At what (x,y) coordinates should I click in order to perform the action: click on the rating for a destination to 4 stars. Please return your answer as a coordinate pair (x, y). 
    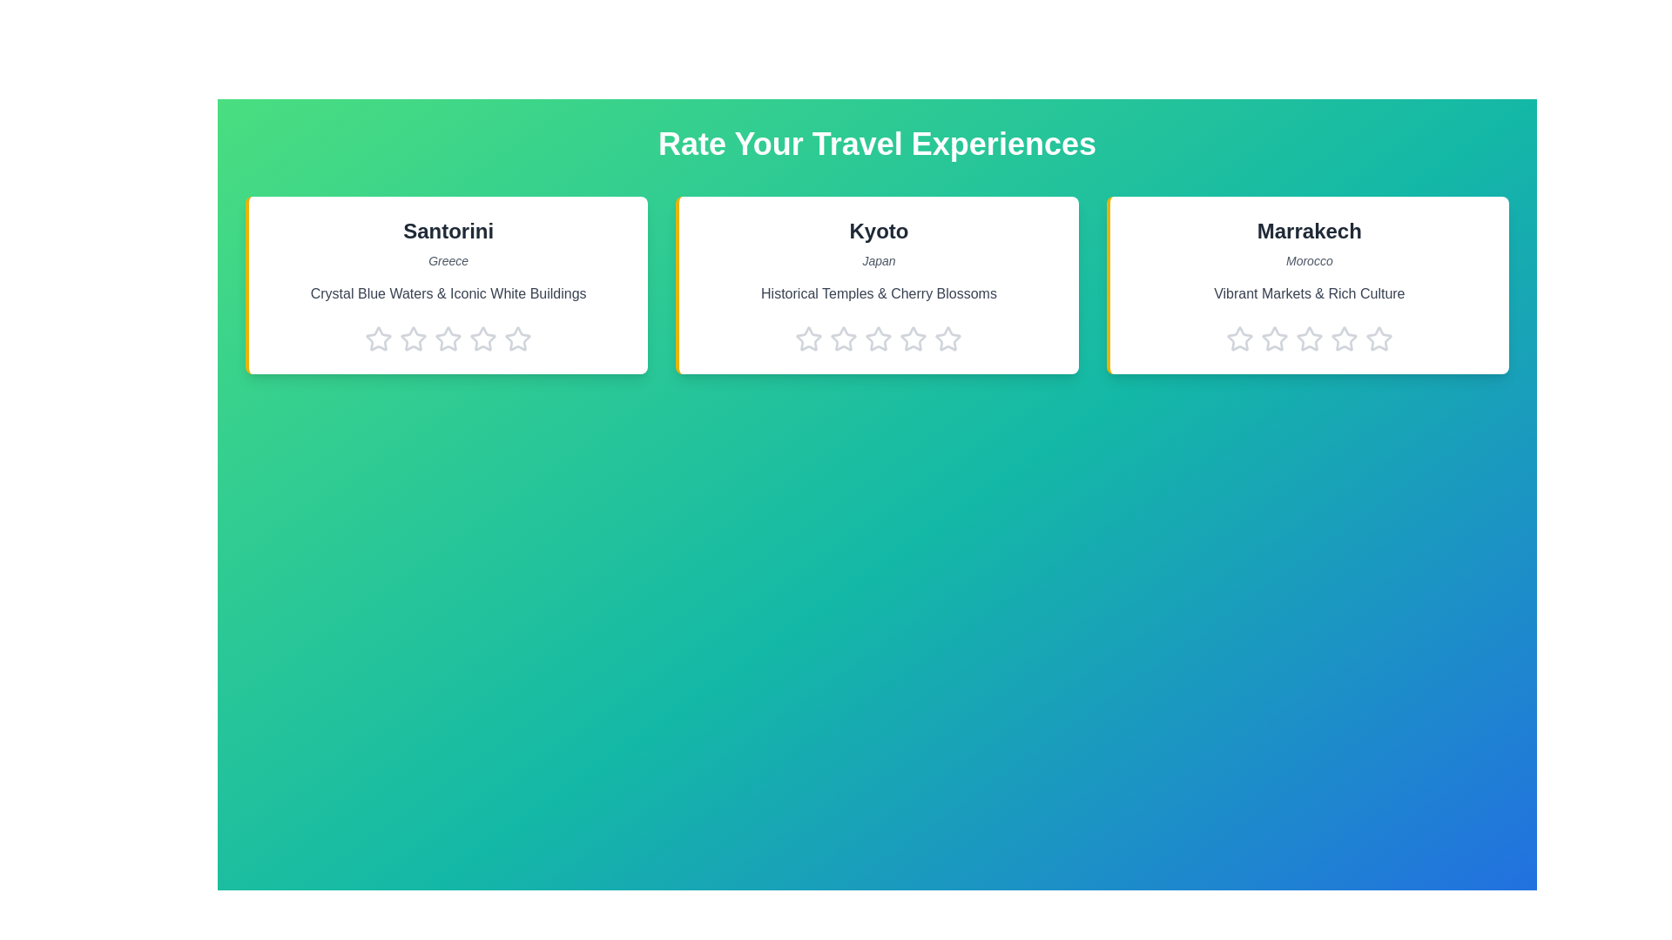
    Looking at the image, I should click on (483, 339).